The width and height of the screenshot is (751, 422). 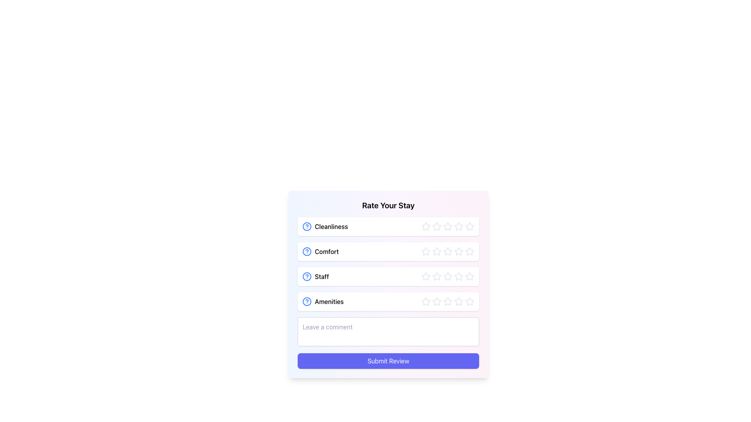 I want to click on the 'Cleanliness' text label, so click(x=325, y=226).